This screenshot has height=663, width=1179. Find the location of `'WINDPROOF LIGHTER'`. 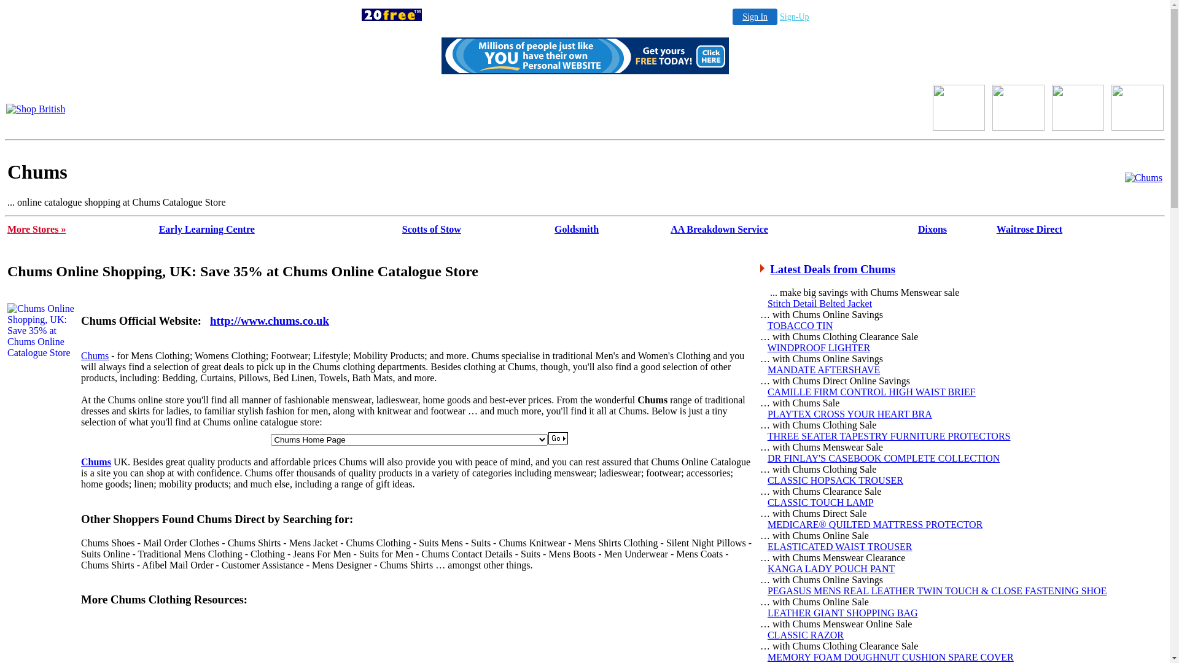

'WINDPROOF LIGHTER' is located at coordinates (766, 347).